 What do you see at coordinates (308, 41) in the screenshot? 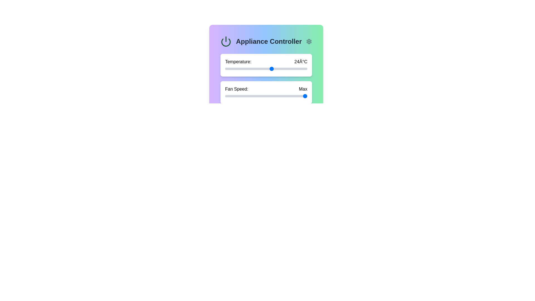
I see `the settings icon` at bounding box center [308, 41].